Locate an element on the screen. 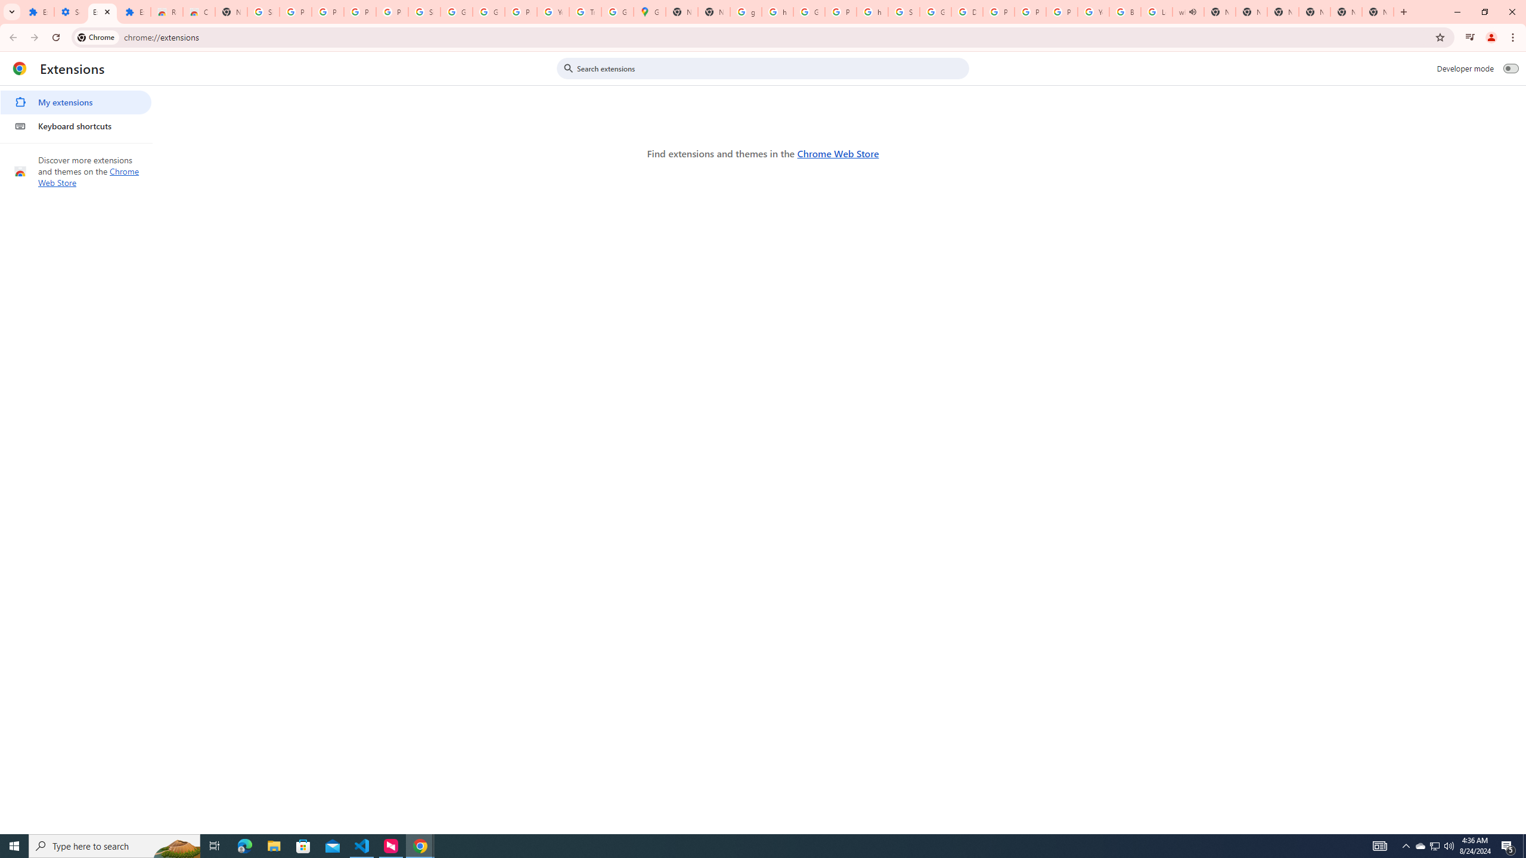 This screenshot has height=858, width=1526. 'Settings' is located at coordinates (70, 11).